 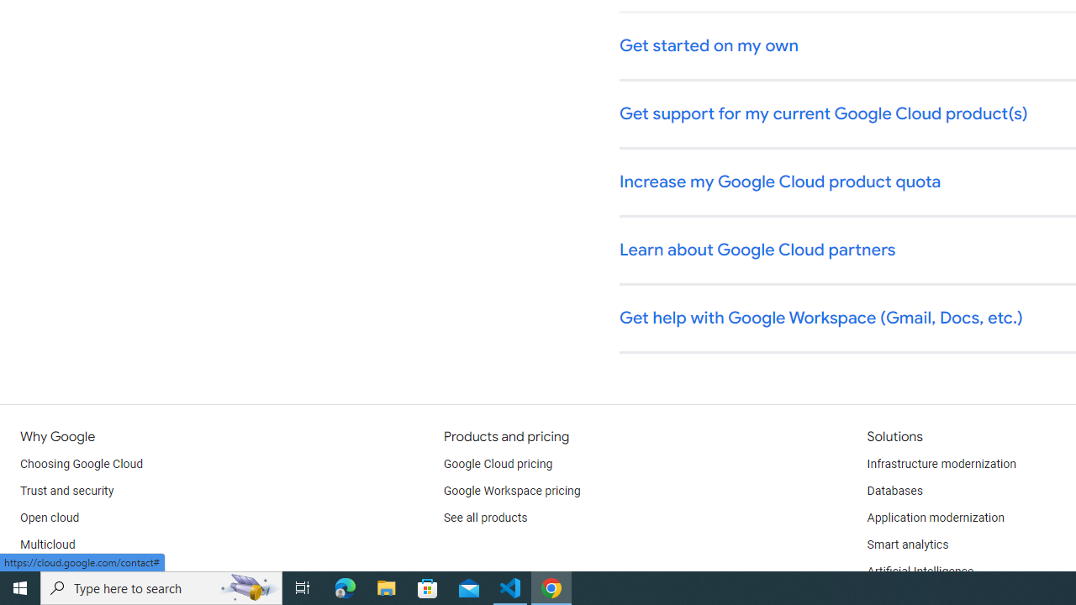 What do you see at coordinates (934, 518) in the screenshot?
I see `'Application modernization'` at bounding box center [934, 518].